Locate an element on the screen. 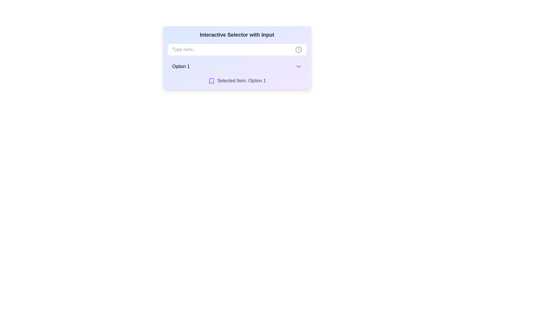 This screenshot has height=314, width=558. the chevron down icon located on the right side of the dropdown field labeled 'Option 1' is located at coordinates (298, 66).